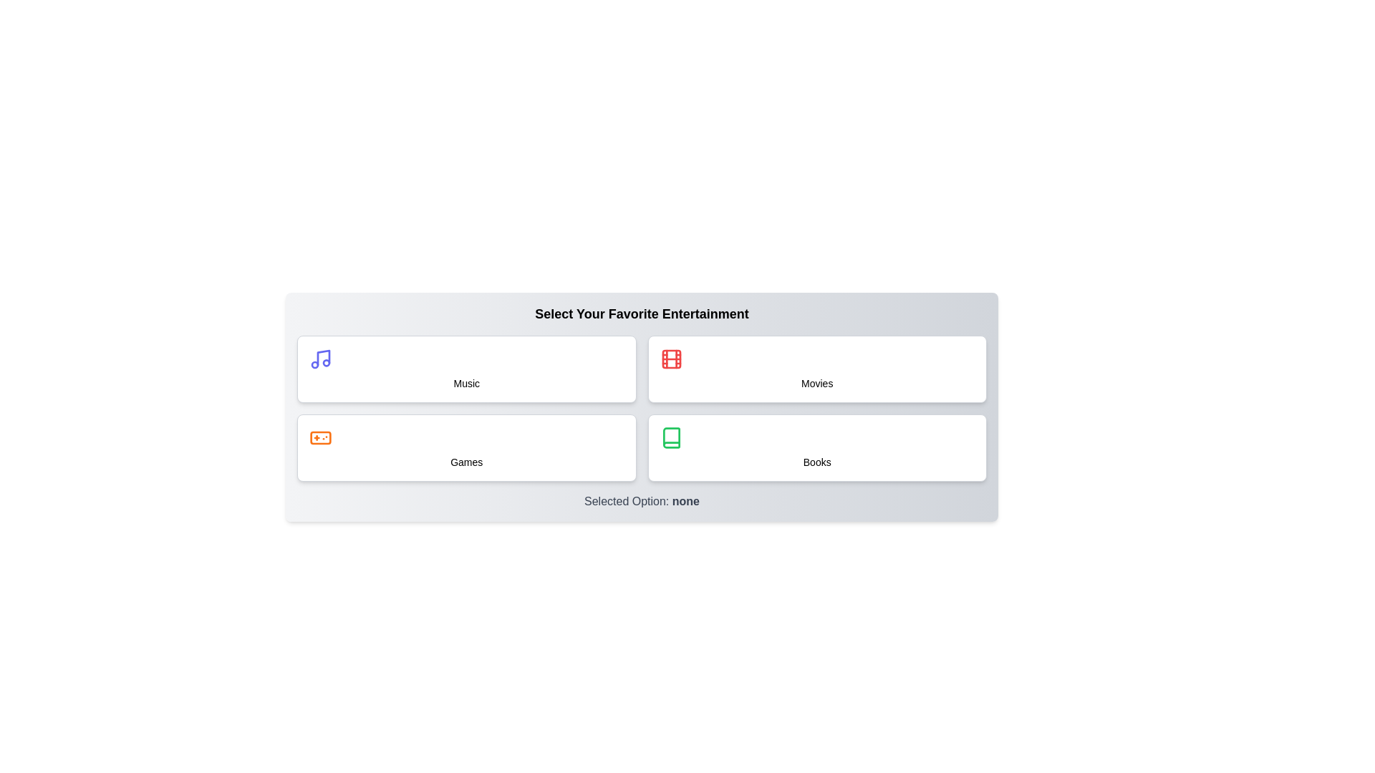  I want to click on the button labeled Books, so click(817, 447).